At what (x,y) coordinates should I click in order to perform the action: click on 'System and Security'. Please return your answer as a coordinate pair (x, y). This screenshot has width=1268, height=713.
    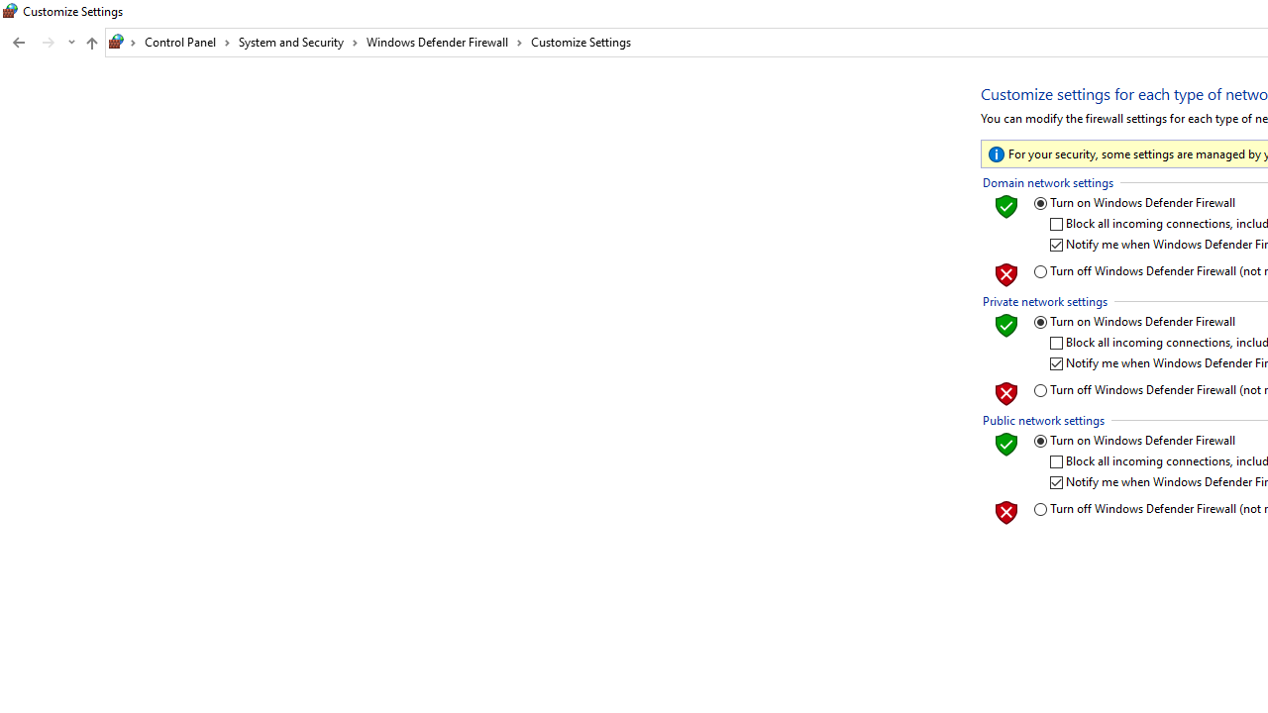
    Looking at the image, I should click on (297, 42).